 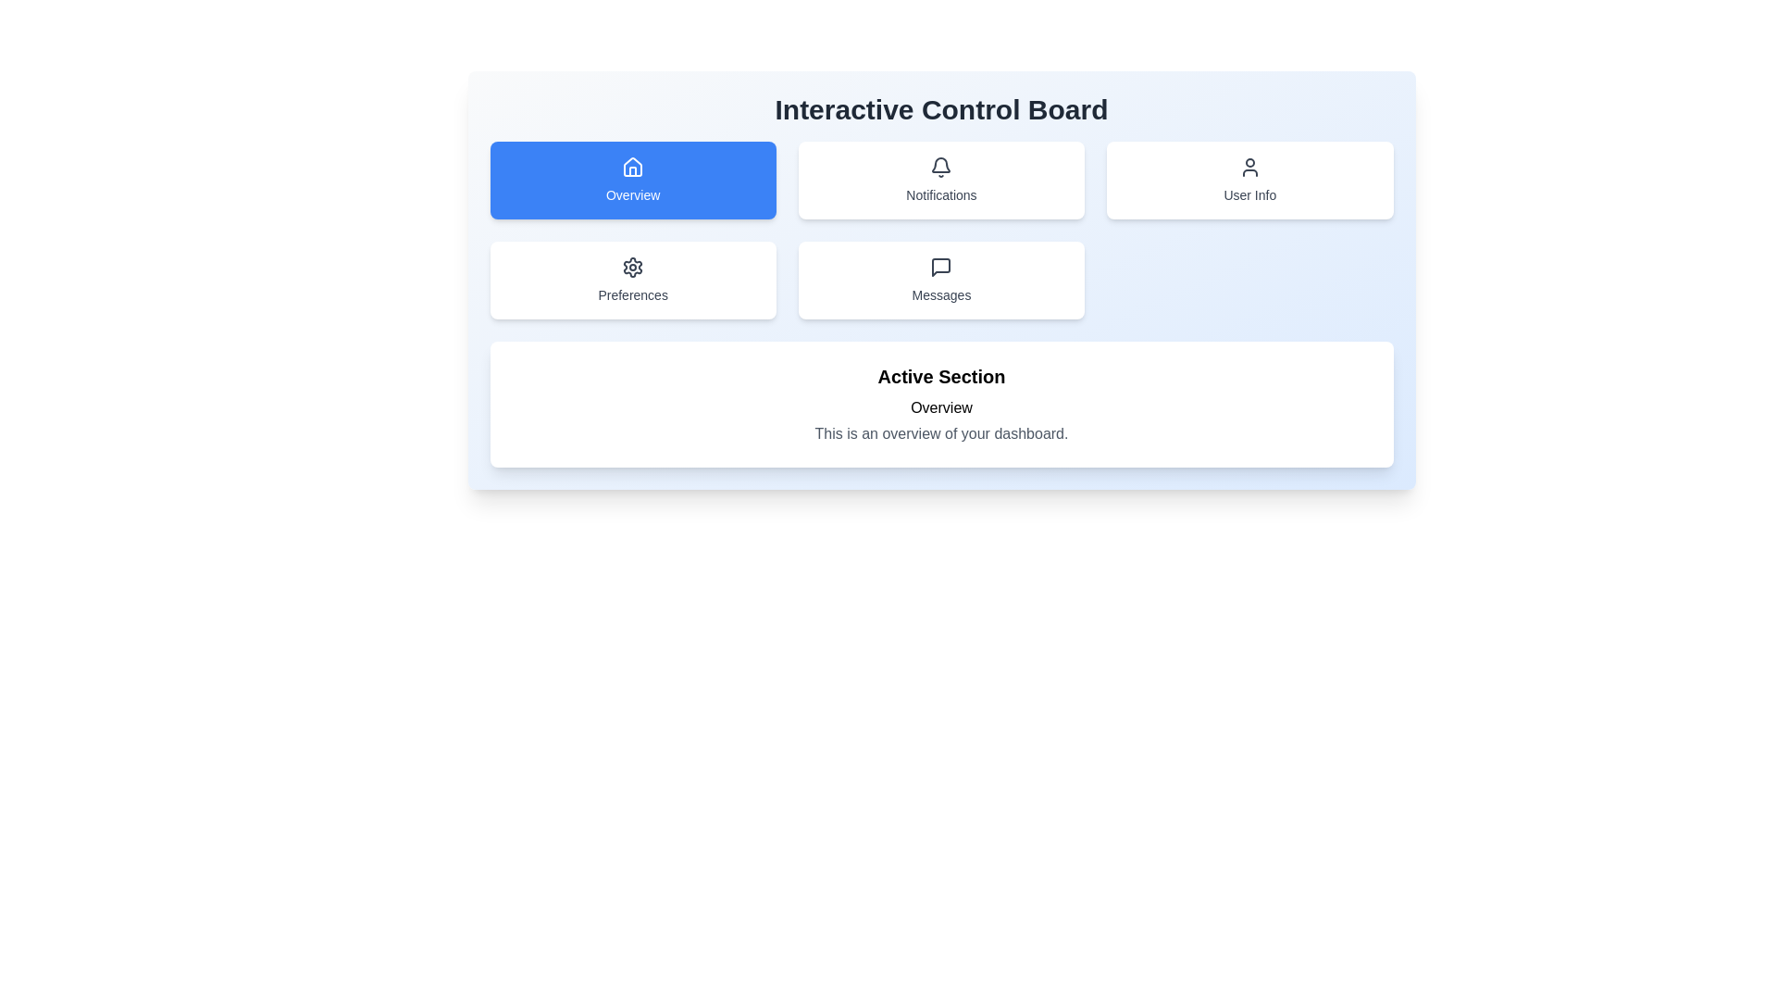 What do you see at coordinates (633, 181) in the screenshot?
I see `the blue rectangular button labeled 'Overview' with a house icon` at bounding box center [633, 181].